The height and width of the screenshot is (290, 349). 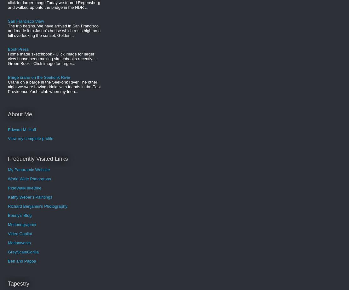 What do you see at coordinates (8, 58) in the screenshot?
I see `'Home made sketchbook - Click image for larger view     I have been making sketchbooks recently. . .    Green Book - Click image for larger...'` at bounding box center [8, 58].